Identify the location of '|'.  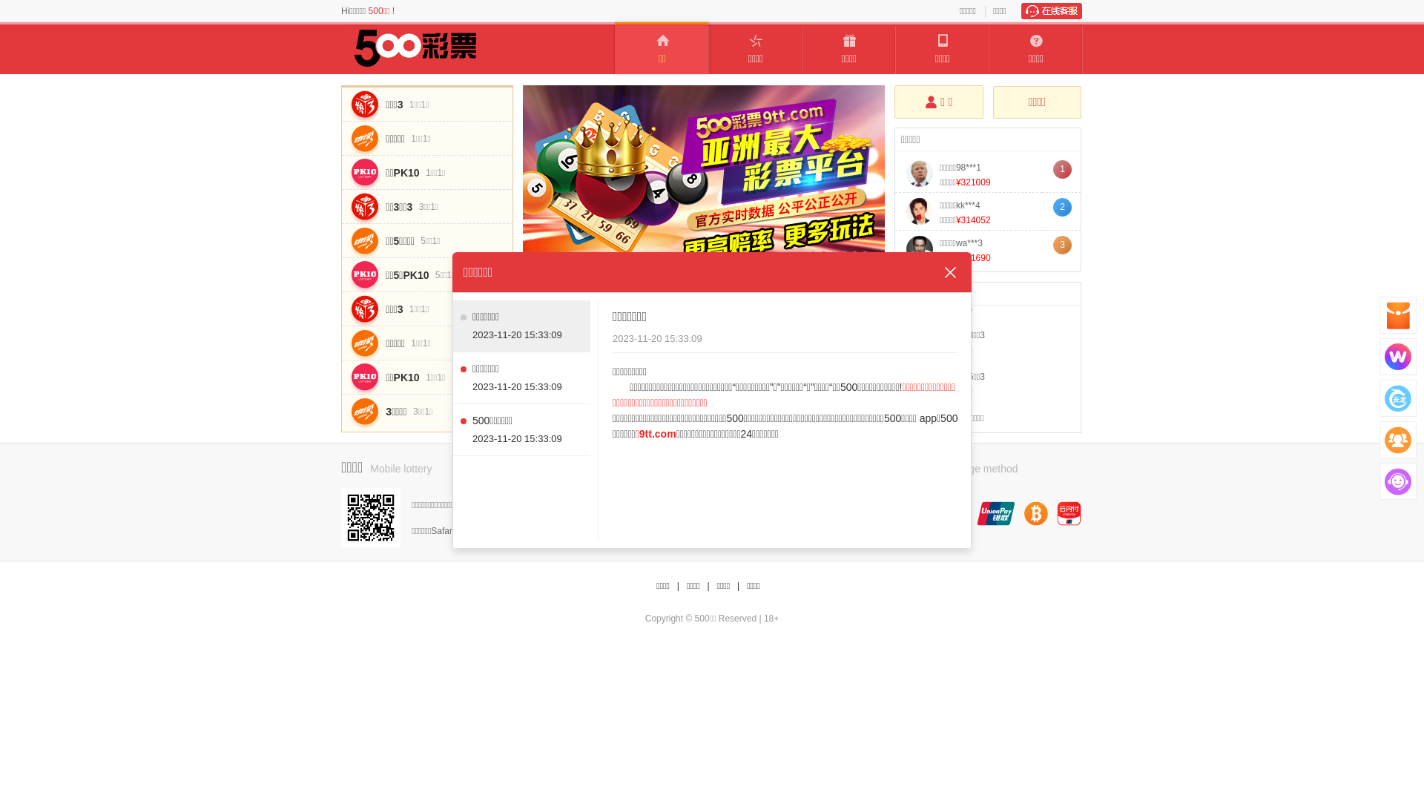
(677, 585).